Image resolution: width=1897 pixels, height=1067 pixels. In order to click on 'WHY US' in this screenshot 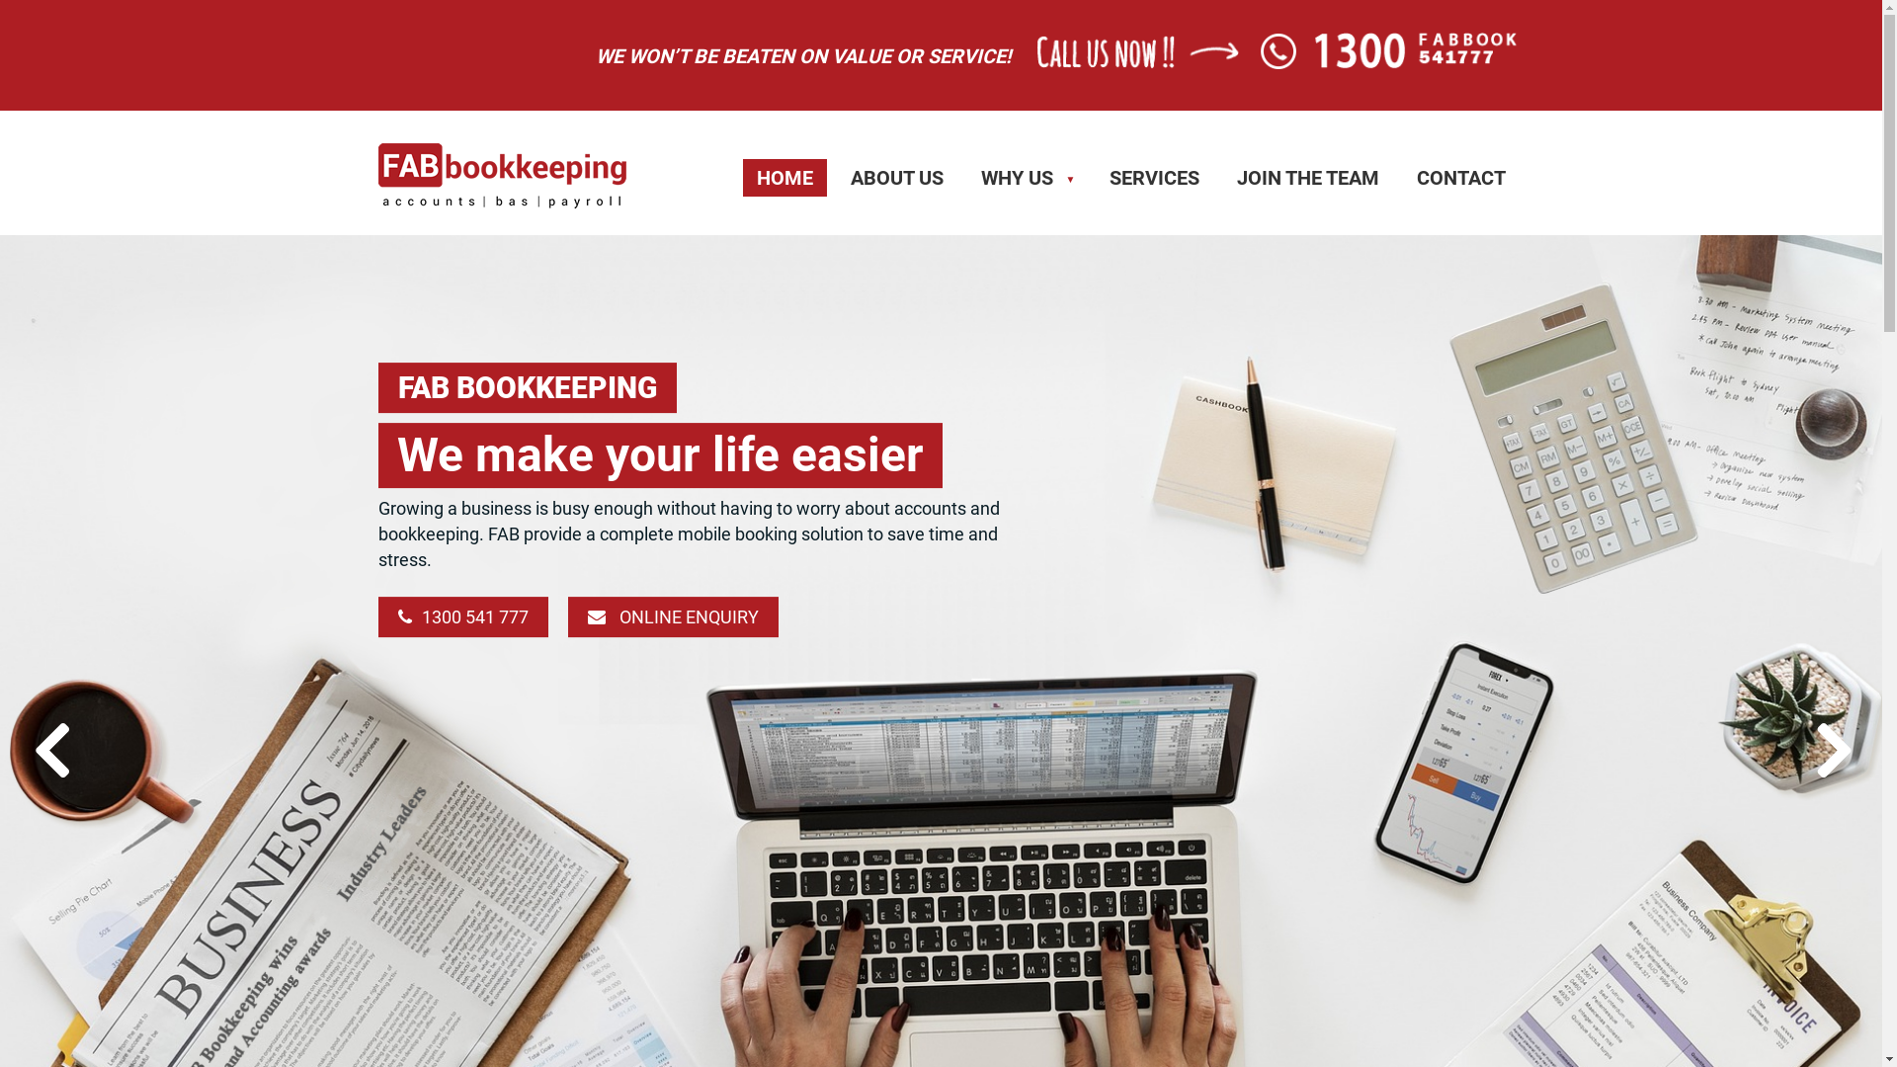, I will do `click(1026, 178)`.